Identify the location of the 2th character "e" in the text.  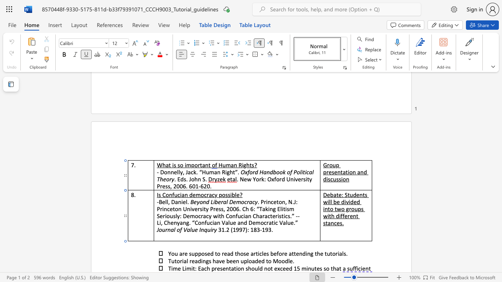
(219, 201).